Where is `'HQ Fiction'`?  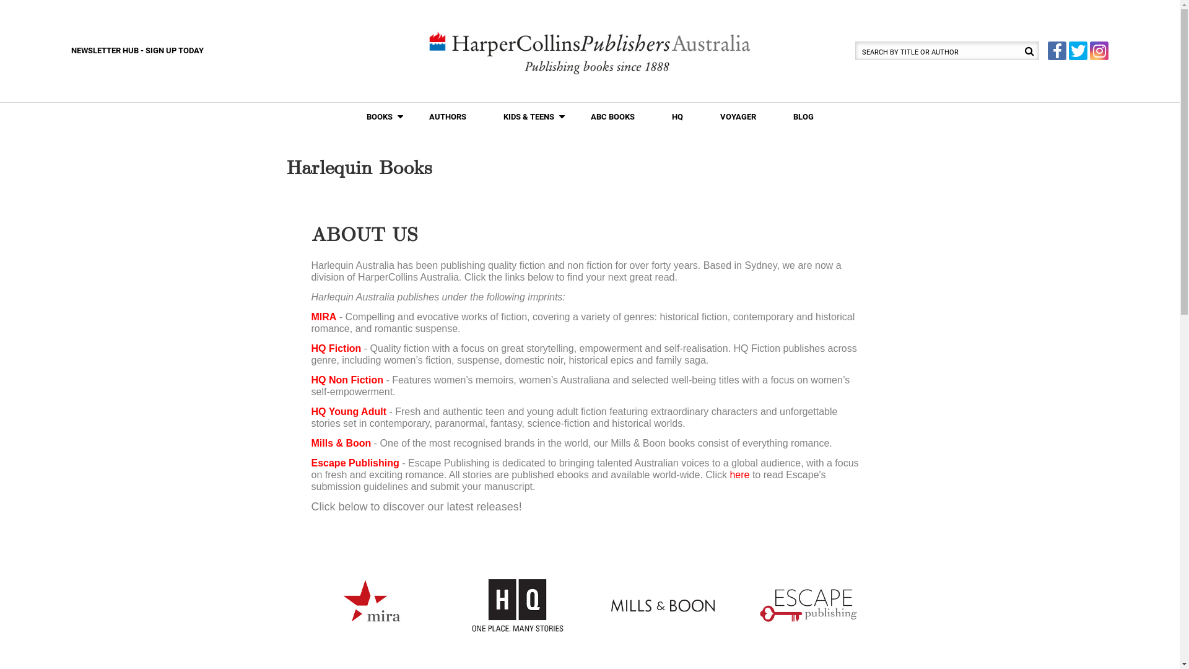 'HQ Fiction' is located at coordinates (336, 348).